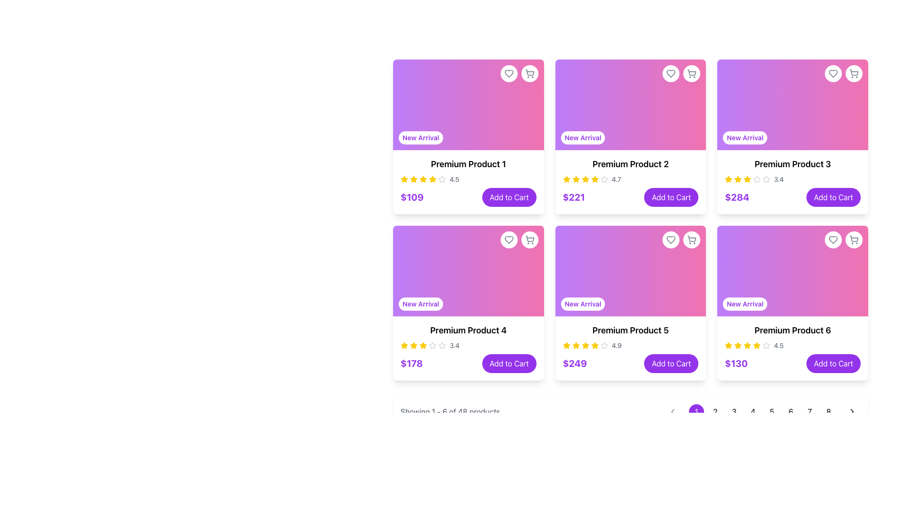 The image size is (906, 510). What do you see at coordinates (763, 411) in the screenshot?
I see `the fifth button in the pagination bar, which navigates to the fourth page of content, to trigger hover effects` at bounding box center [763, 411].